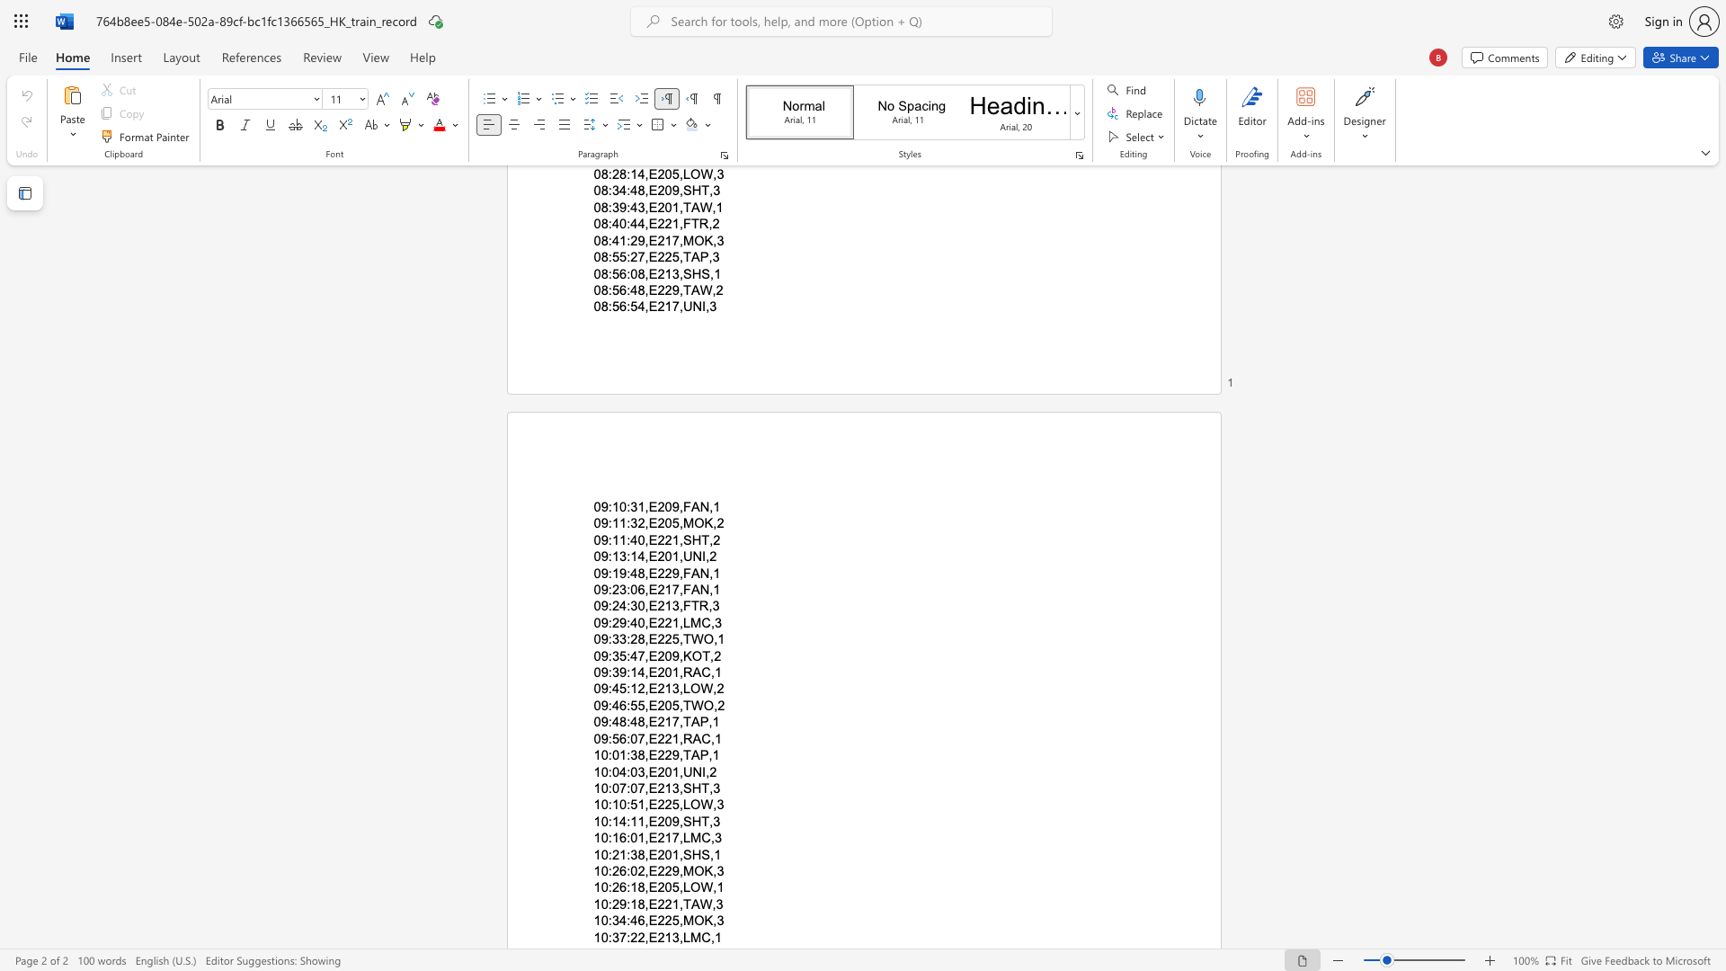 The width and height of the screenshot is (1726, 971). I want to click on the space between the continuous character "5" and "5" in the text, so click(637, 704).